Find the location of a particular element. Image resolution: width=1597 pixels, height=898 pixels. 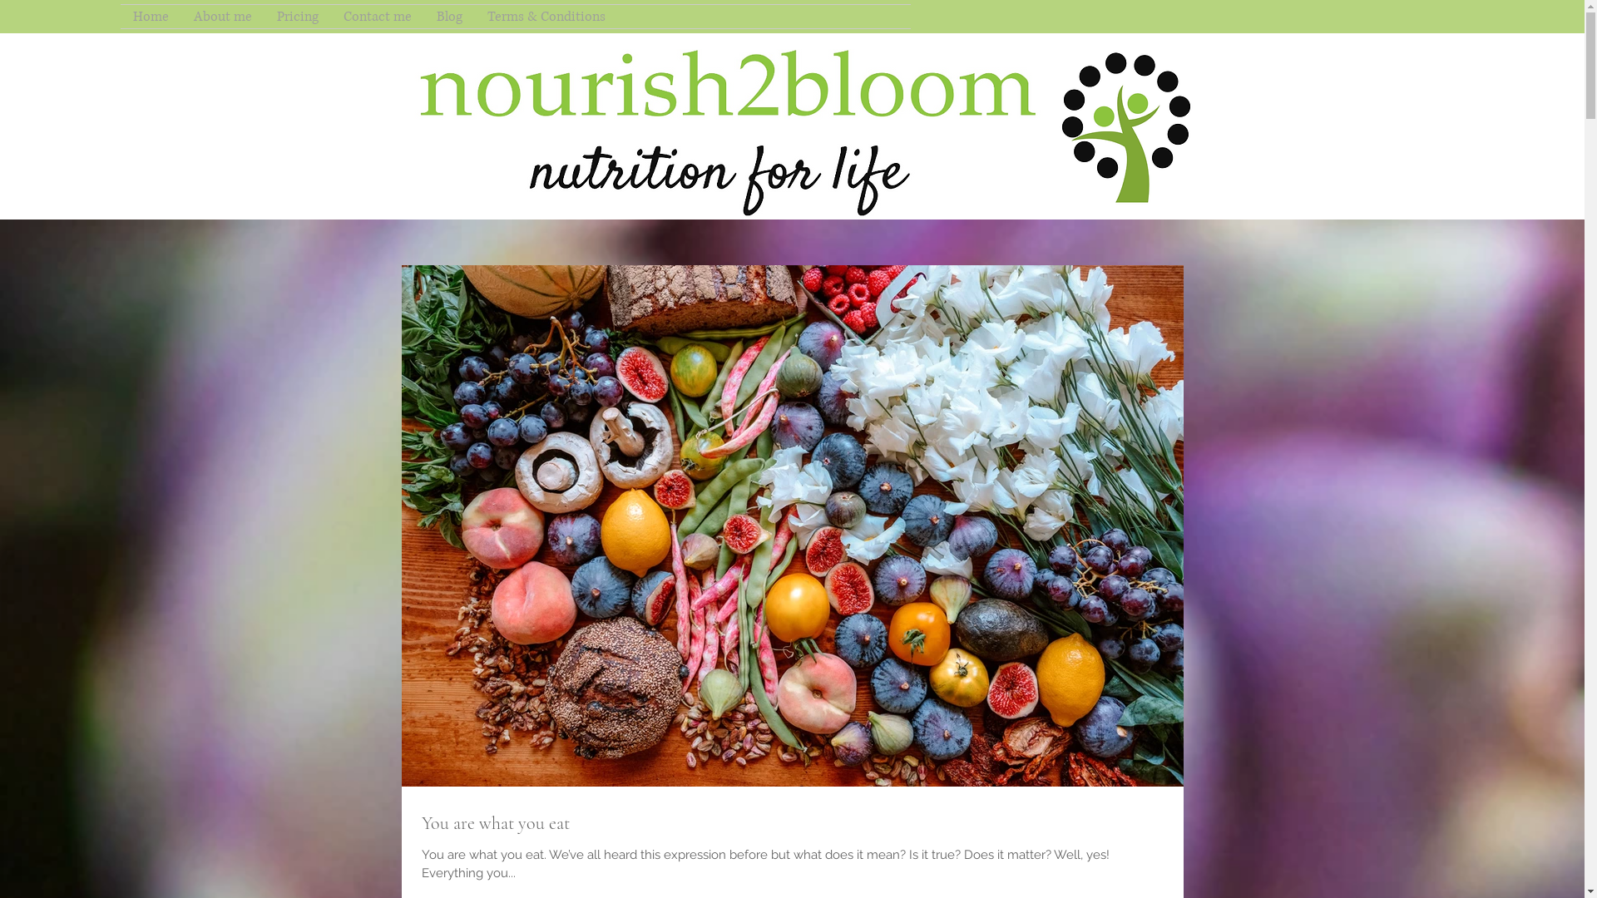

'Terms & Conditions' is located at coordinates (546, 16).